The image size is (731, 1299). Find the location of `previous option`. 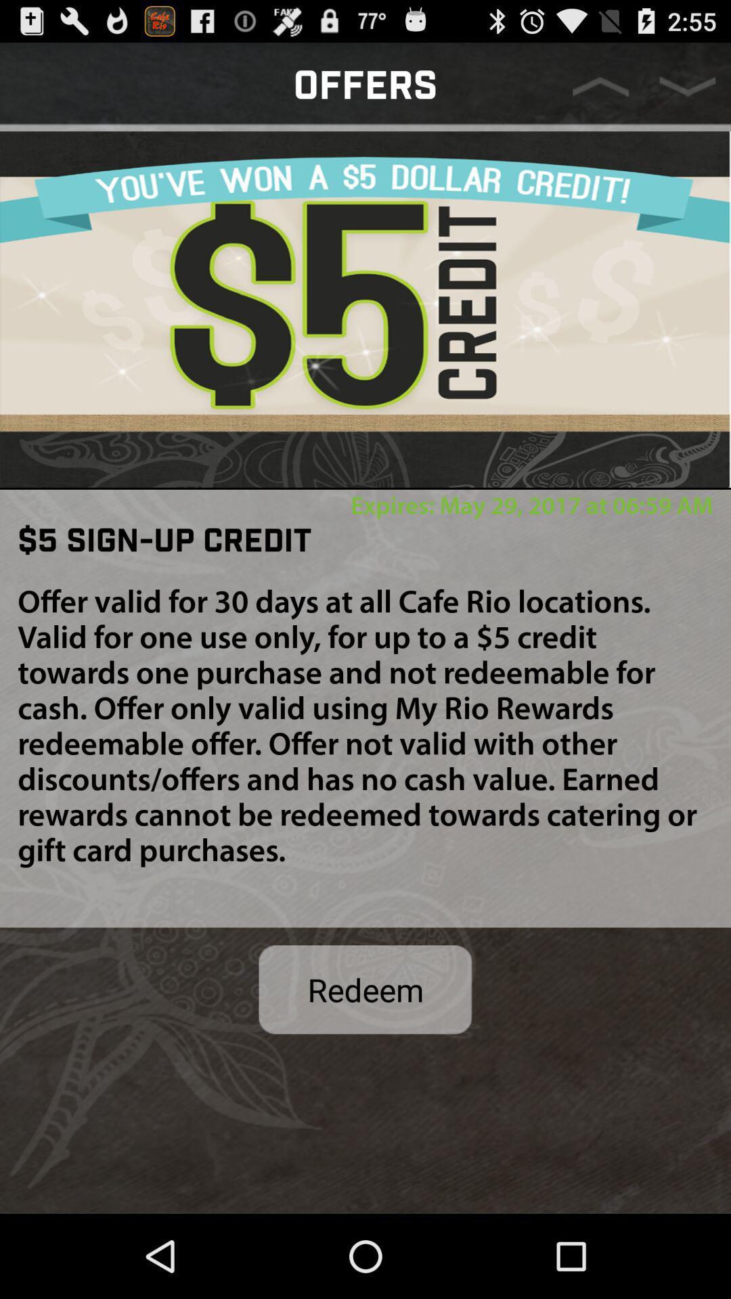

previous option is located at coordinates (600, 86).